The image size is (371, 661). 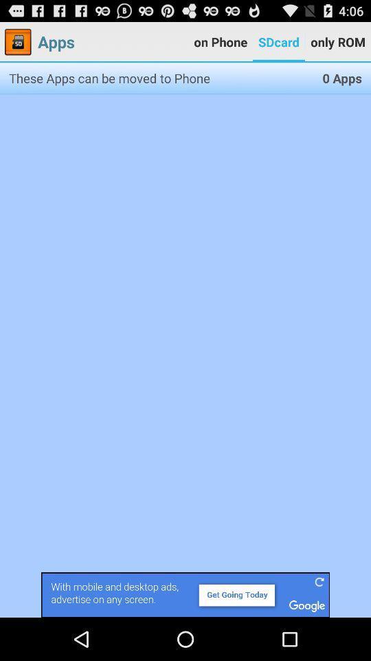 What do you see at coordinates (185, 594) in the screenshot?
I see `open an advertisement` at bounding box center [185, 594].